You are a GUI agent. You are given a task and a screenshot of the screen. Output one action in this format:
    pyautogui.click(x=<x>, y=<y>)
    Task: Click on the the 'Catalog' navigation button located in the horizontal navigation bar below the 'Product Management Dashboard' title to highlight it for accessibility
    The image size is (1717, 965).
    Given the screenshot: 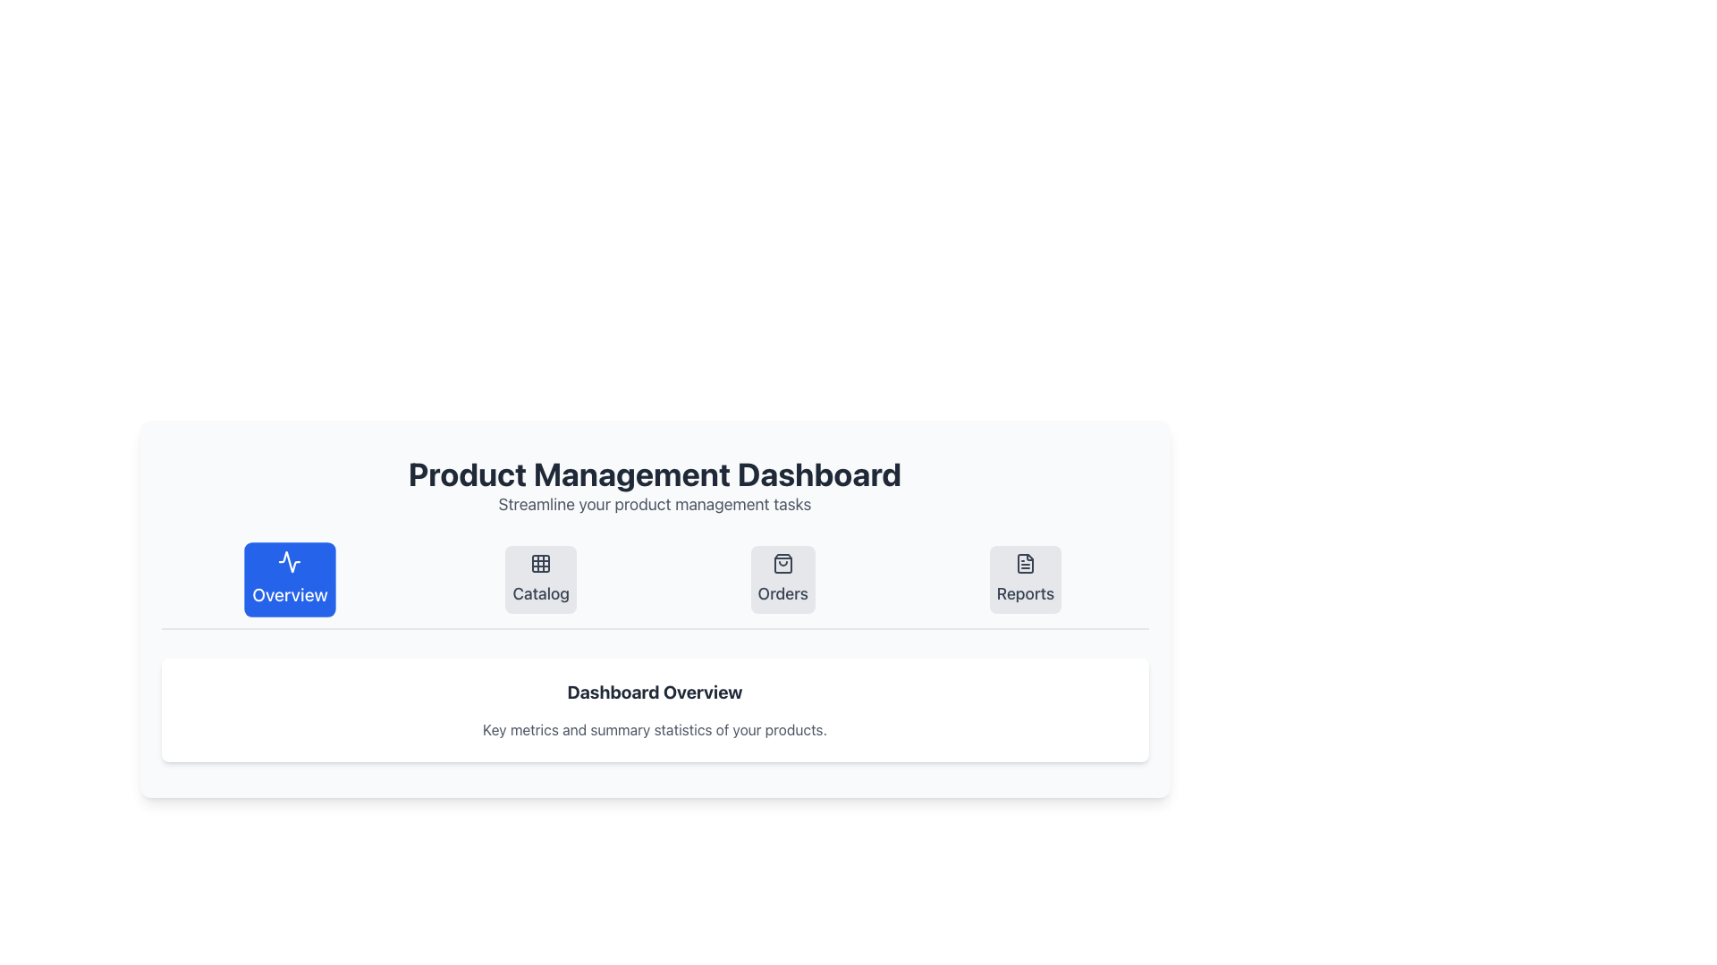 What is the action you would take?
    pyautogui.click(x=540, y=579)
    